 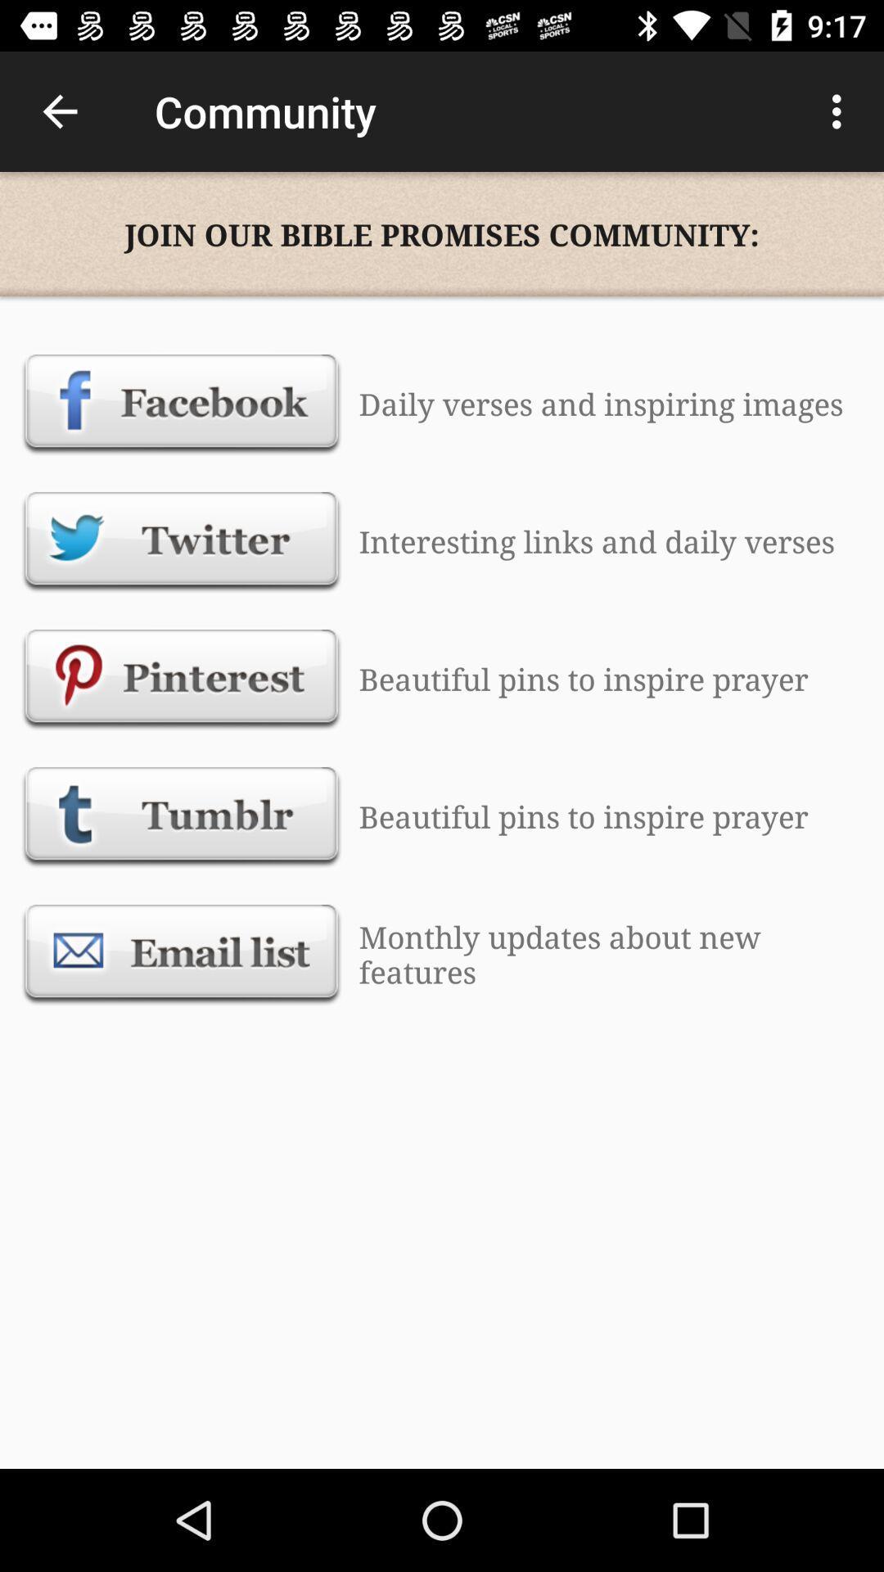 I want to click on open pinterest, so click(x=182, y=679).